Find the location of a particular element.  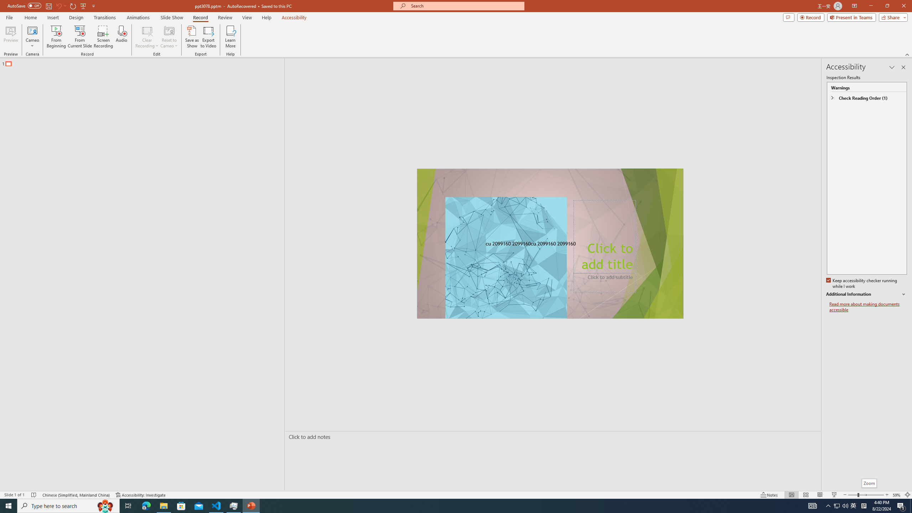

'Read more about making documents accessible' is located at coordinates (868, 307).